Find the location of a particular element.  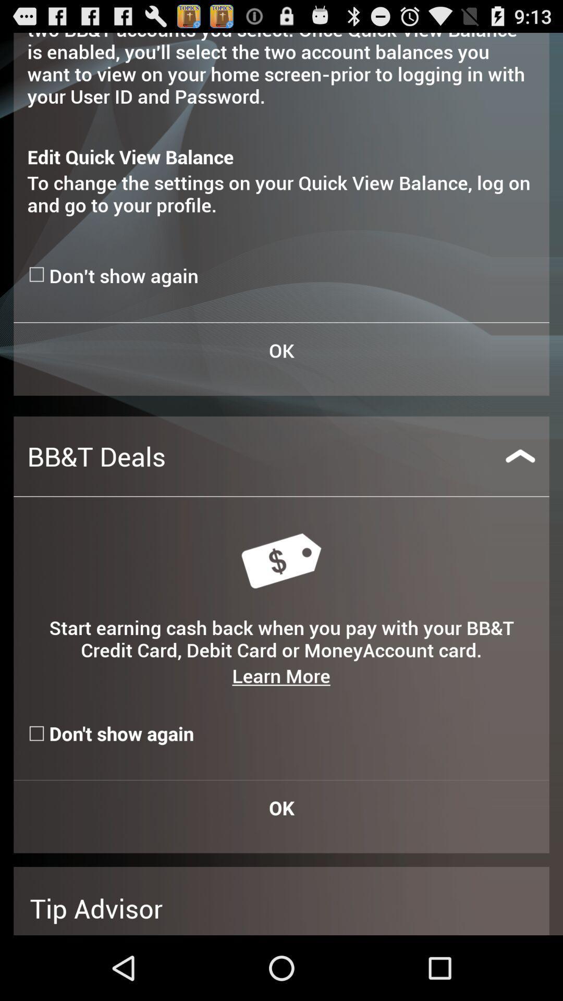

icon to the left of don t show icon is located at coordinates (38, 274).